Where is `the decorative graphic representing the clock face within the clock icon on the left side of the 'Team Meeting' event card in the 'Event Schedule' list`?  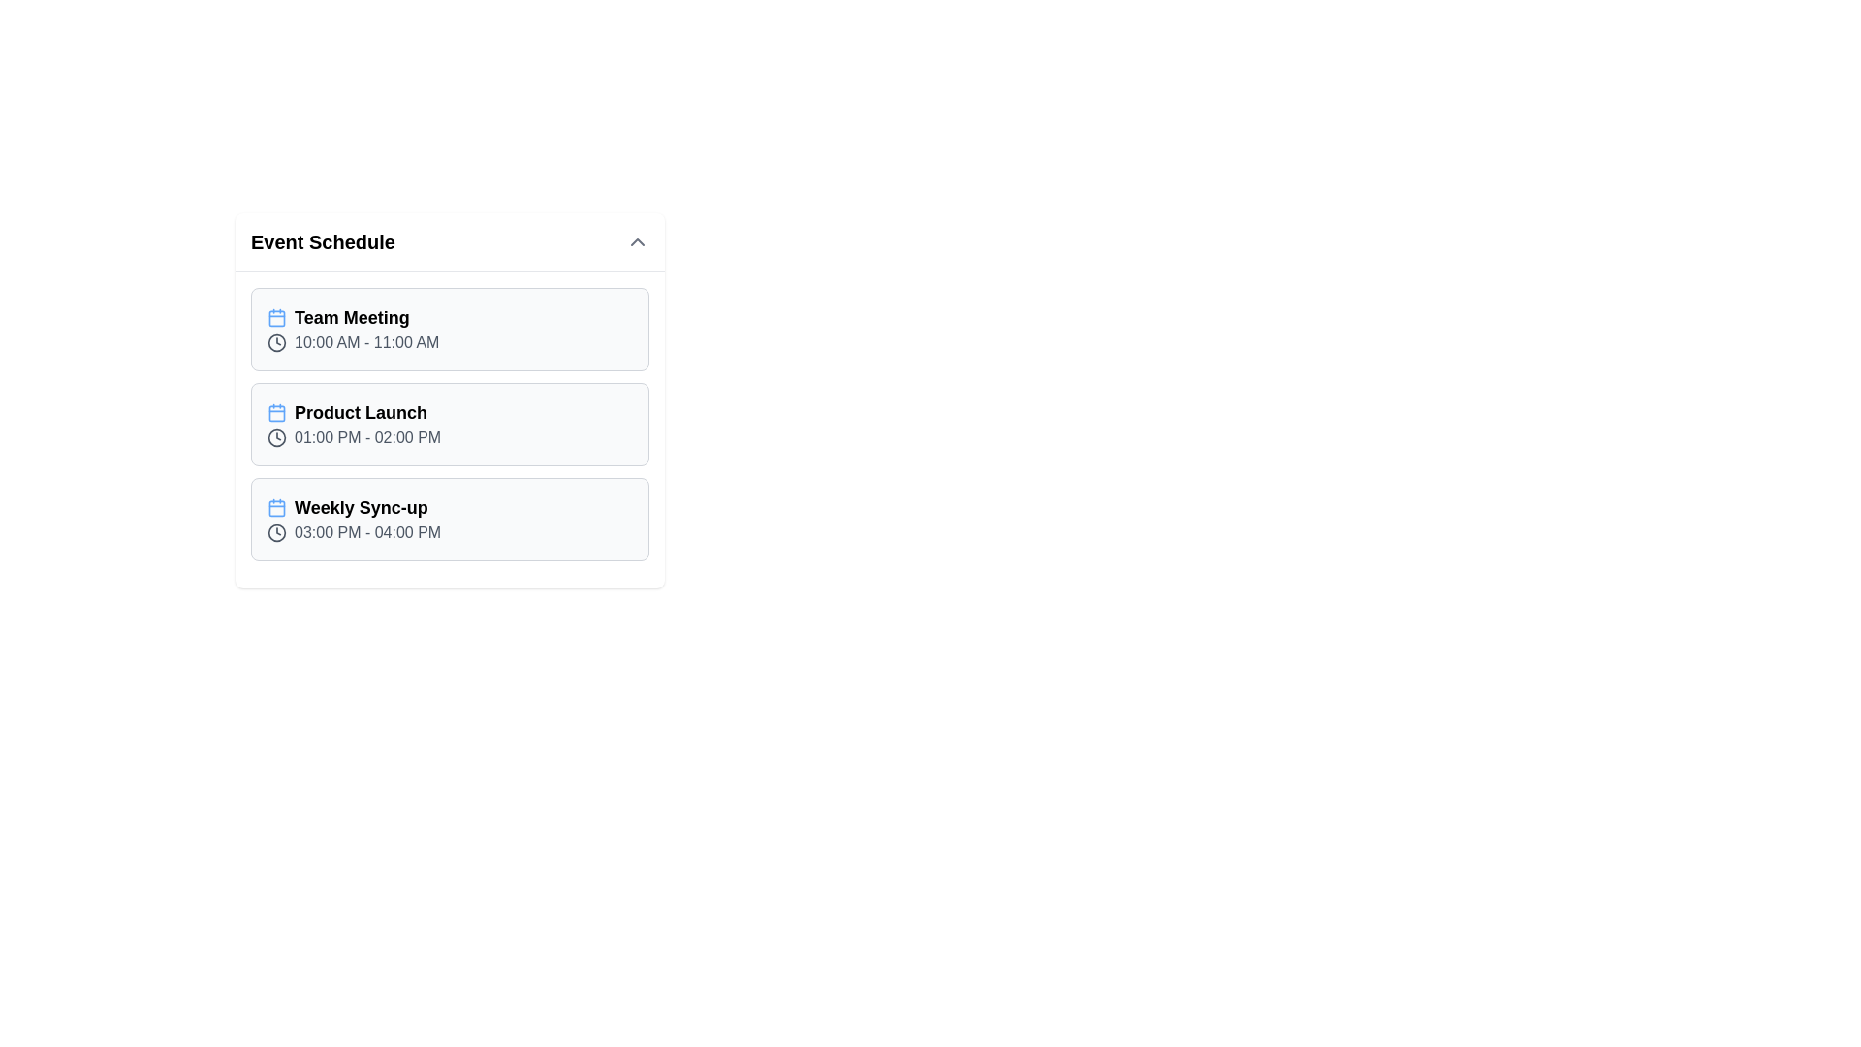 the decorative graphic representing the clock face within the clock icon on the left side of the 'Team Meeting' event card in the 'Event Schedule' list is located at coordinates (276, 342).